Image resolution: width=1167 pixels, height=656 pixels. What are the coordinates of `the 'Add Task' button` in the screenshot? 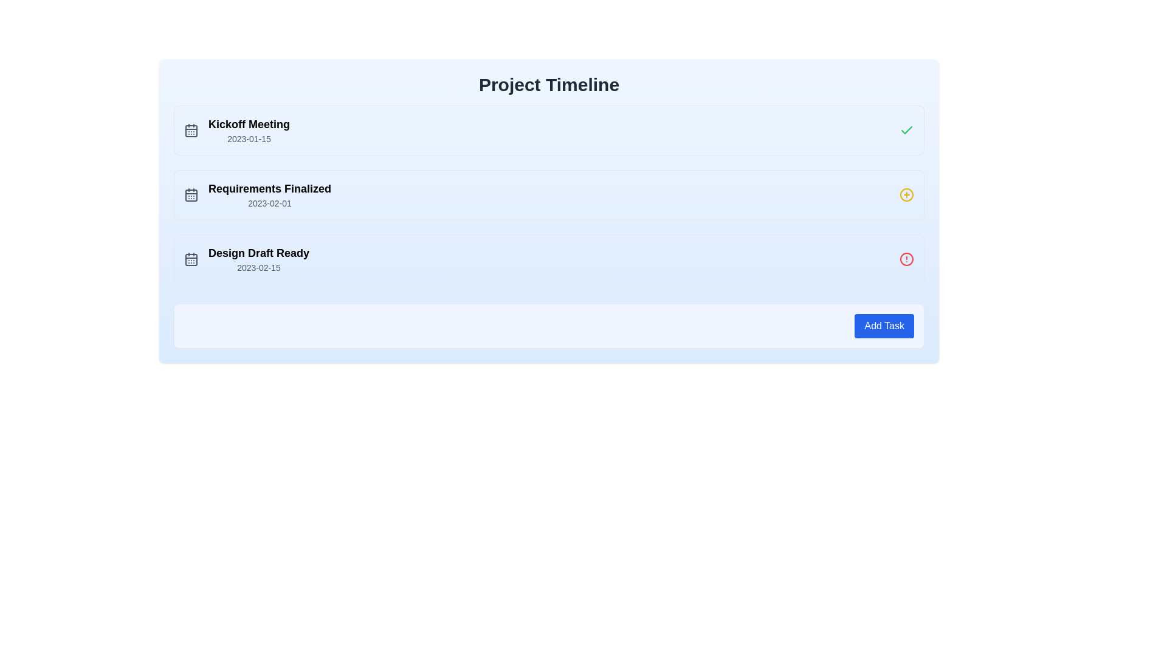 It's located at (884, 325).